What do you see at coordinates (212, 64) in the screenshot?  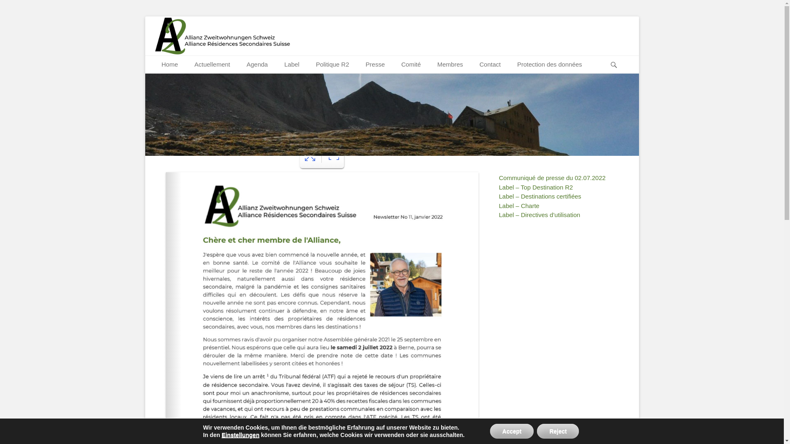 I see `'Actuellement'` at bounding box center [212, 64].